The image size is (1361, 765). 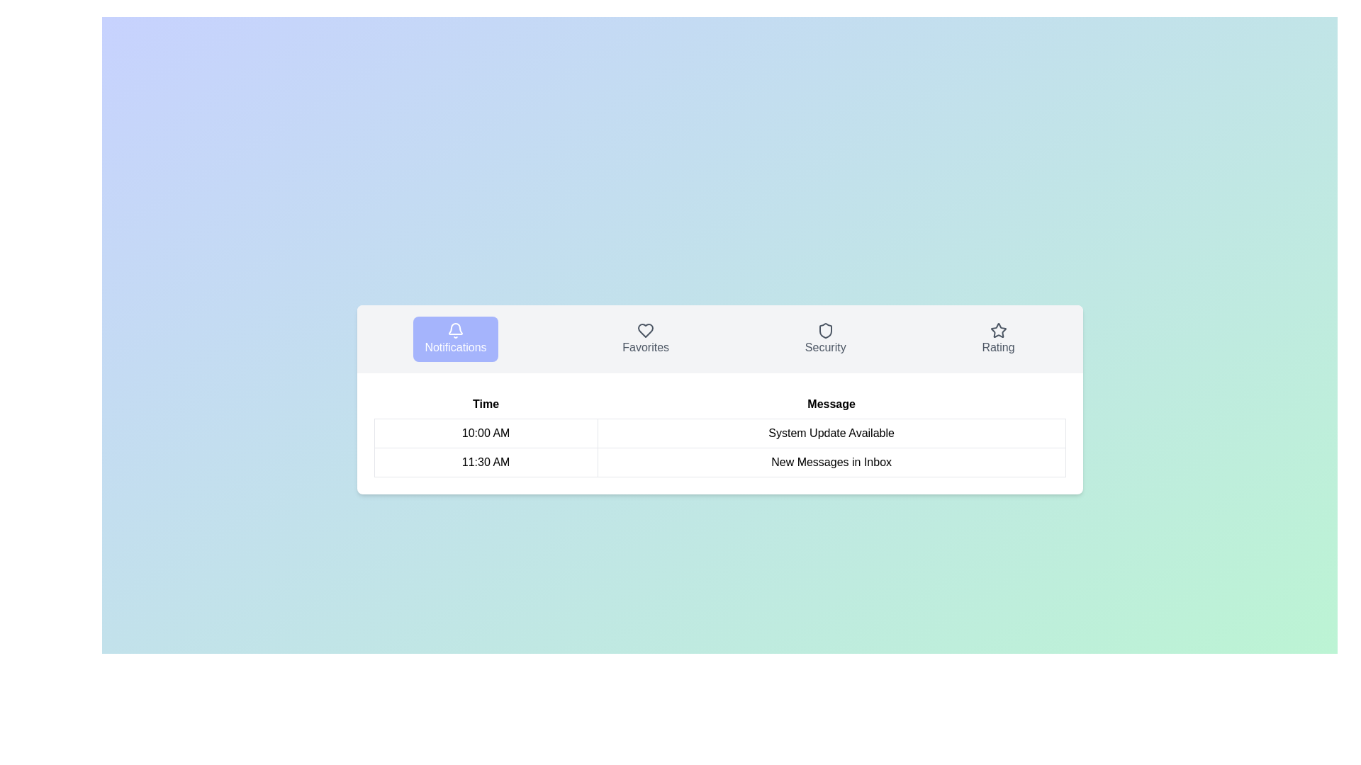 What do you see at coordinates (486, 432) in the screenshot?
I see `the Static Text Label displaying '10:00 AM' in the first row of the 'Time' column in the data table` at bounding box center [486, 432].